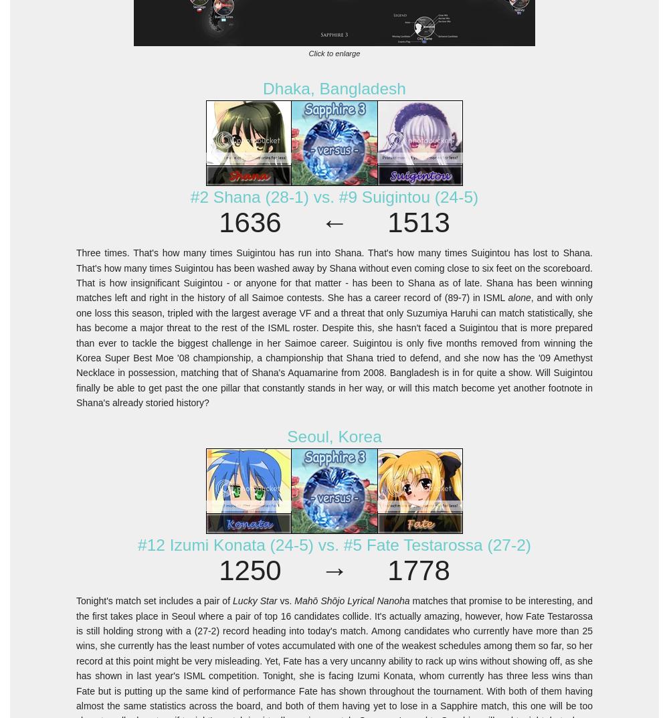 The width and height of the screenshot is (669, 718). Describe the element at coordinates (286, 600) in the screenshot. I see `'vs.'` at that location.